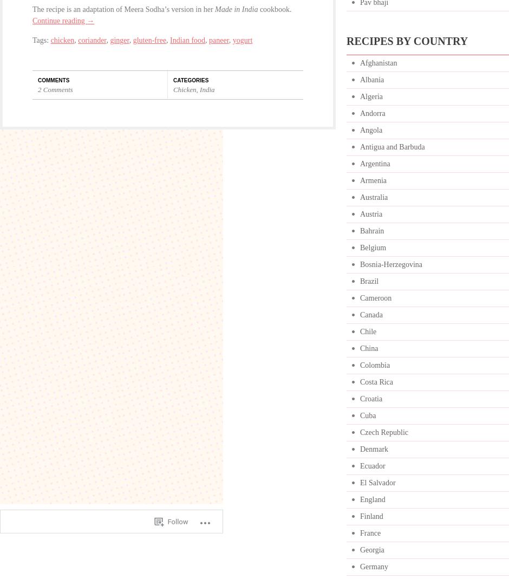  I want to click on 'paneer', so click(208, 39).